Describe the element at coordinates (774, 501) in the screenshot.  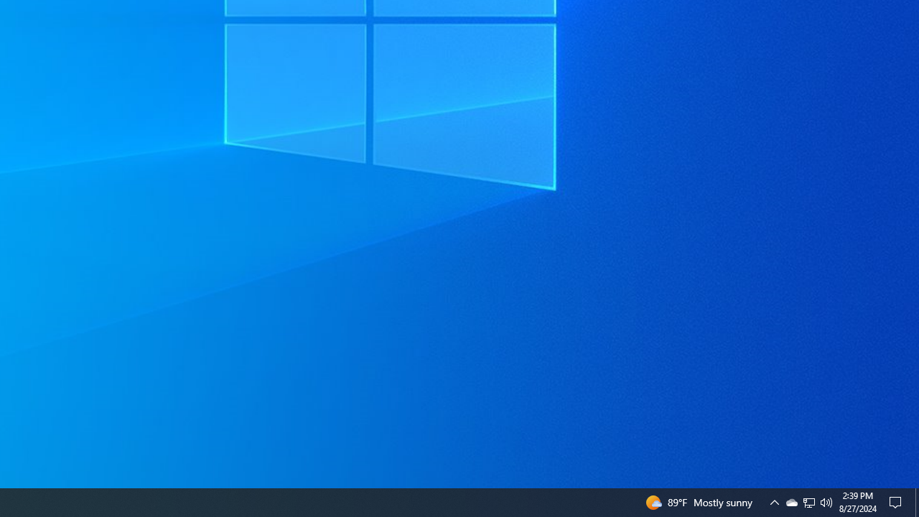
I see `'Notification Chevron'` at that location.